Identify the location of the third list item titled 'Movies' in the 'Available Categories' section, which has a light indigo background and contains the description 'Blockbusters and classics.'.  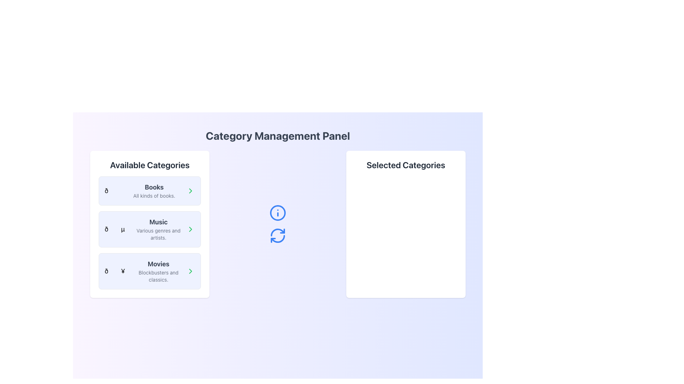
(149, 271).